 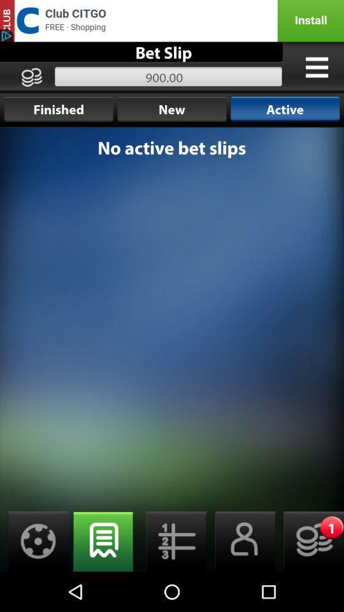 What do you see at coordinates (172, 541) in the screenshot?
I see `the middle button below no active bet slips` at bounding box center [172, 541].